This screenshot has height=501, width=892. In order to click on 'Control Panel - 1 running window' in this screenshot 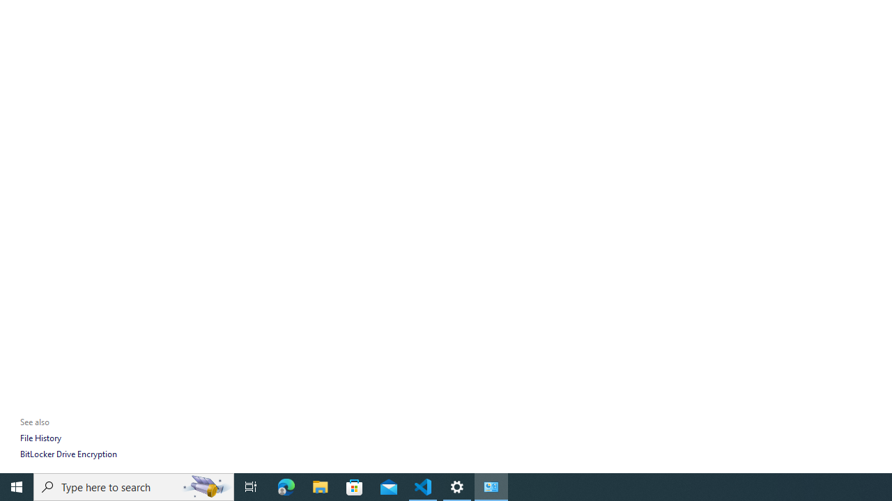, I will do `click(491, 486)`.